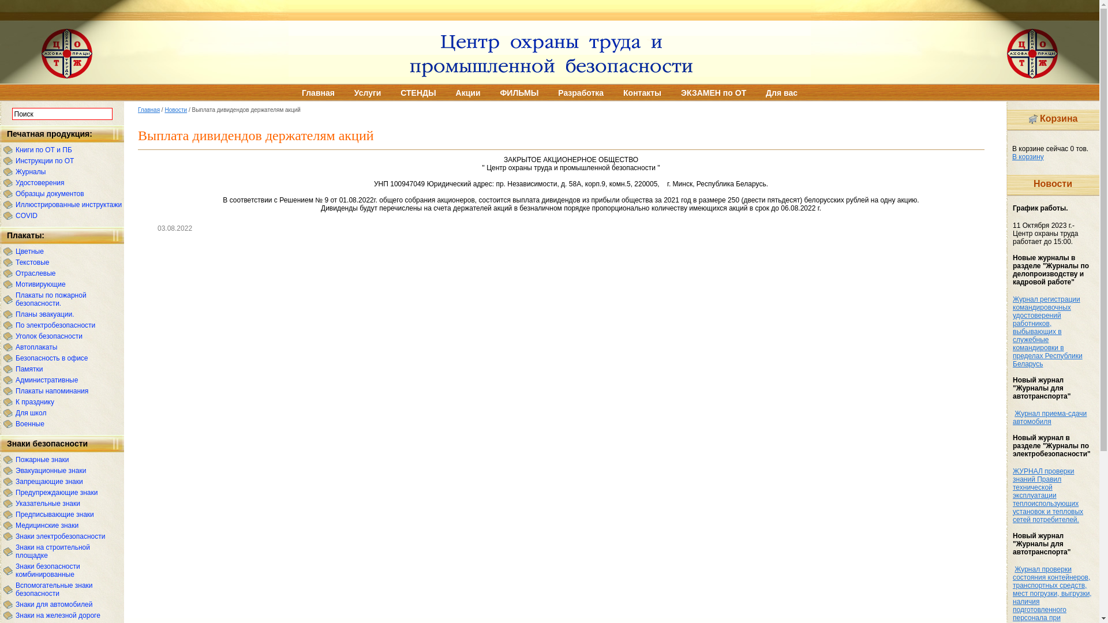  Describe the element at coordinates (16, 216) in the screenshot. I see `'COVID'` at that location.